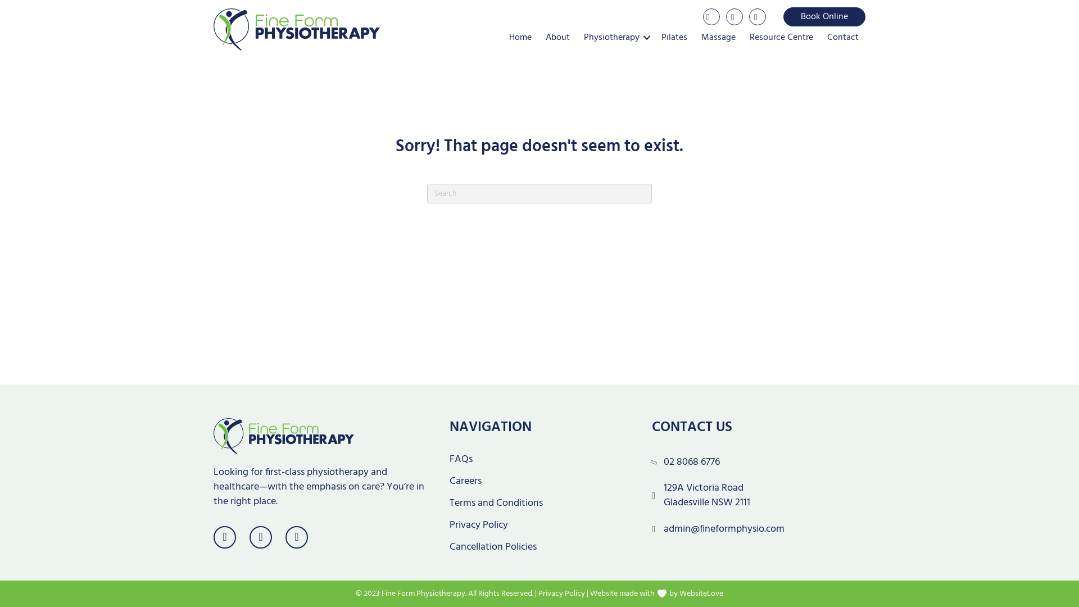  Describe the element at coordinates (655, 37) in the screenshot. I see `'Pilates'` at that location.